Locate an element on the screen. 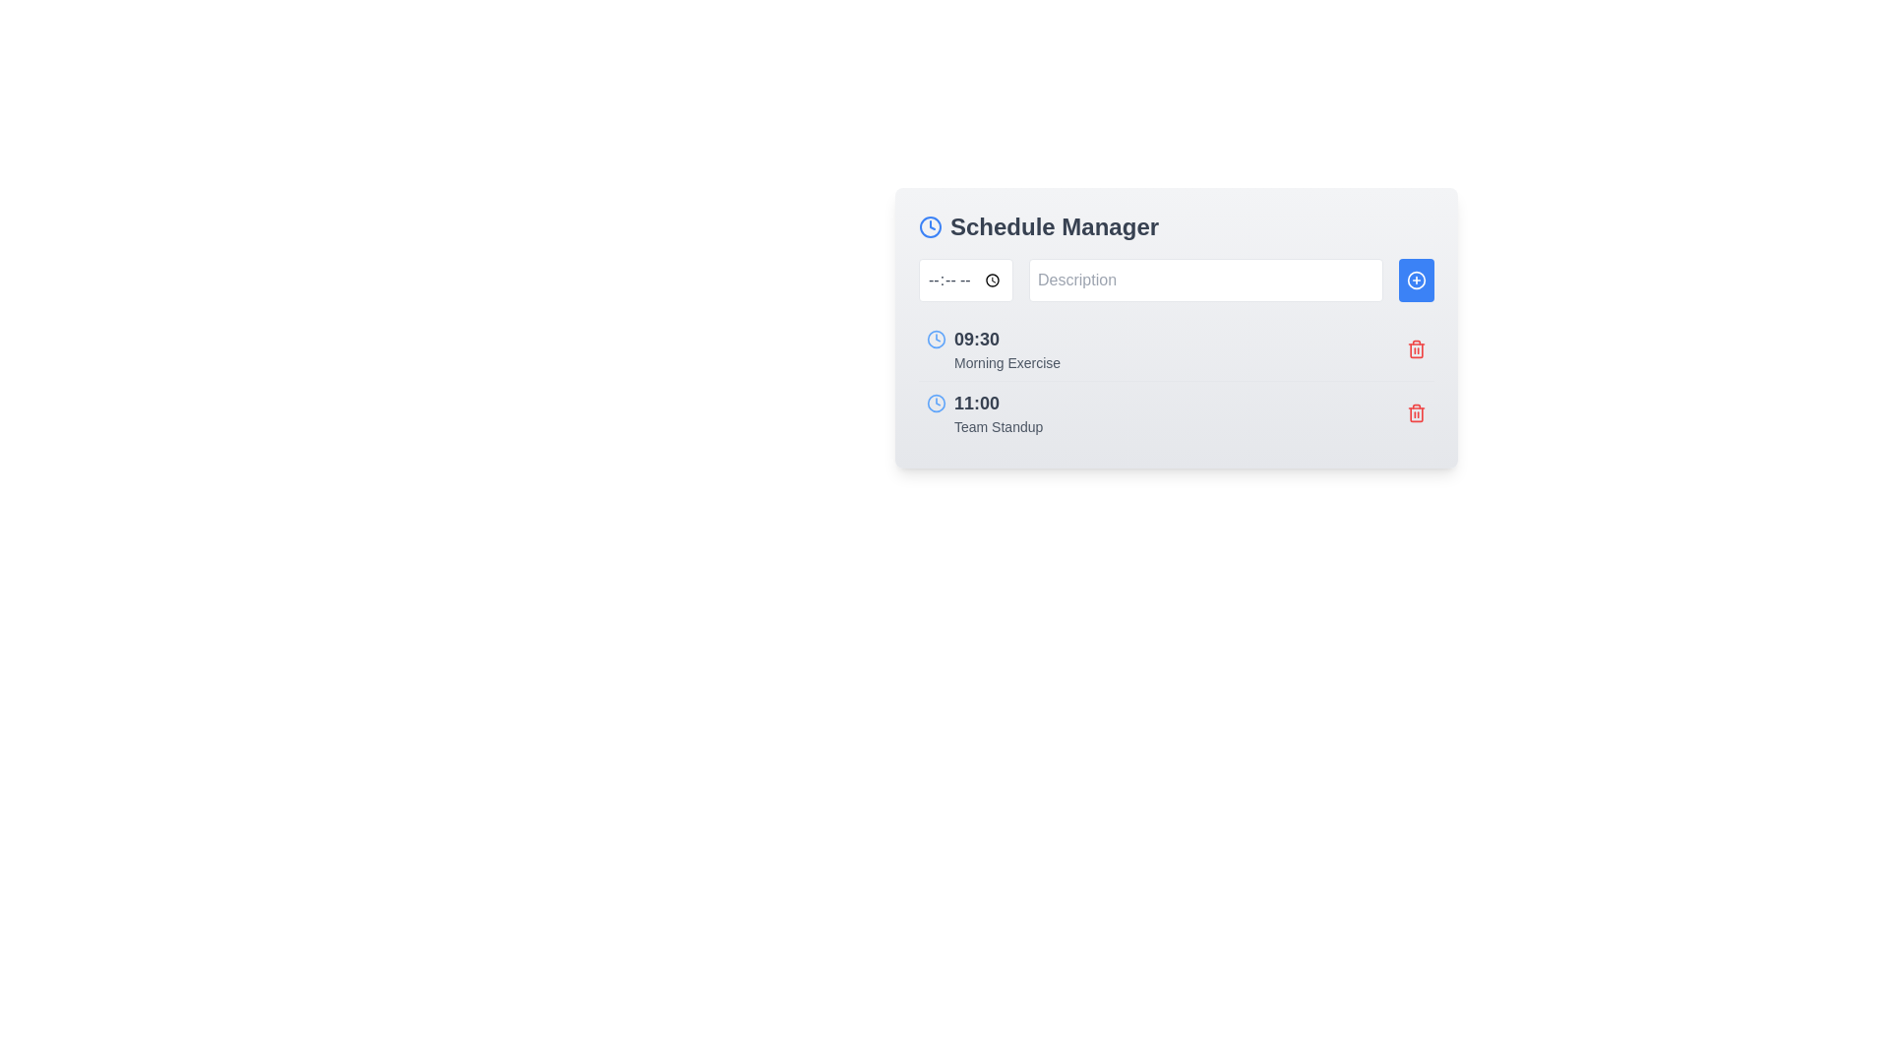 Image resolution: width=1889 pixels, height=1063 pixels. the static label representing a calendar event located as the second entry below '09:30 Morning Exercise' in the Schedule Manager interface is located at coordinates (985, 412).